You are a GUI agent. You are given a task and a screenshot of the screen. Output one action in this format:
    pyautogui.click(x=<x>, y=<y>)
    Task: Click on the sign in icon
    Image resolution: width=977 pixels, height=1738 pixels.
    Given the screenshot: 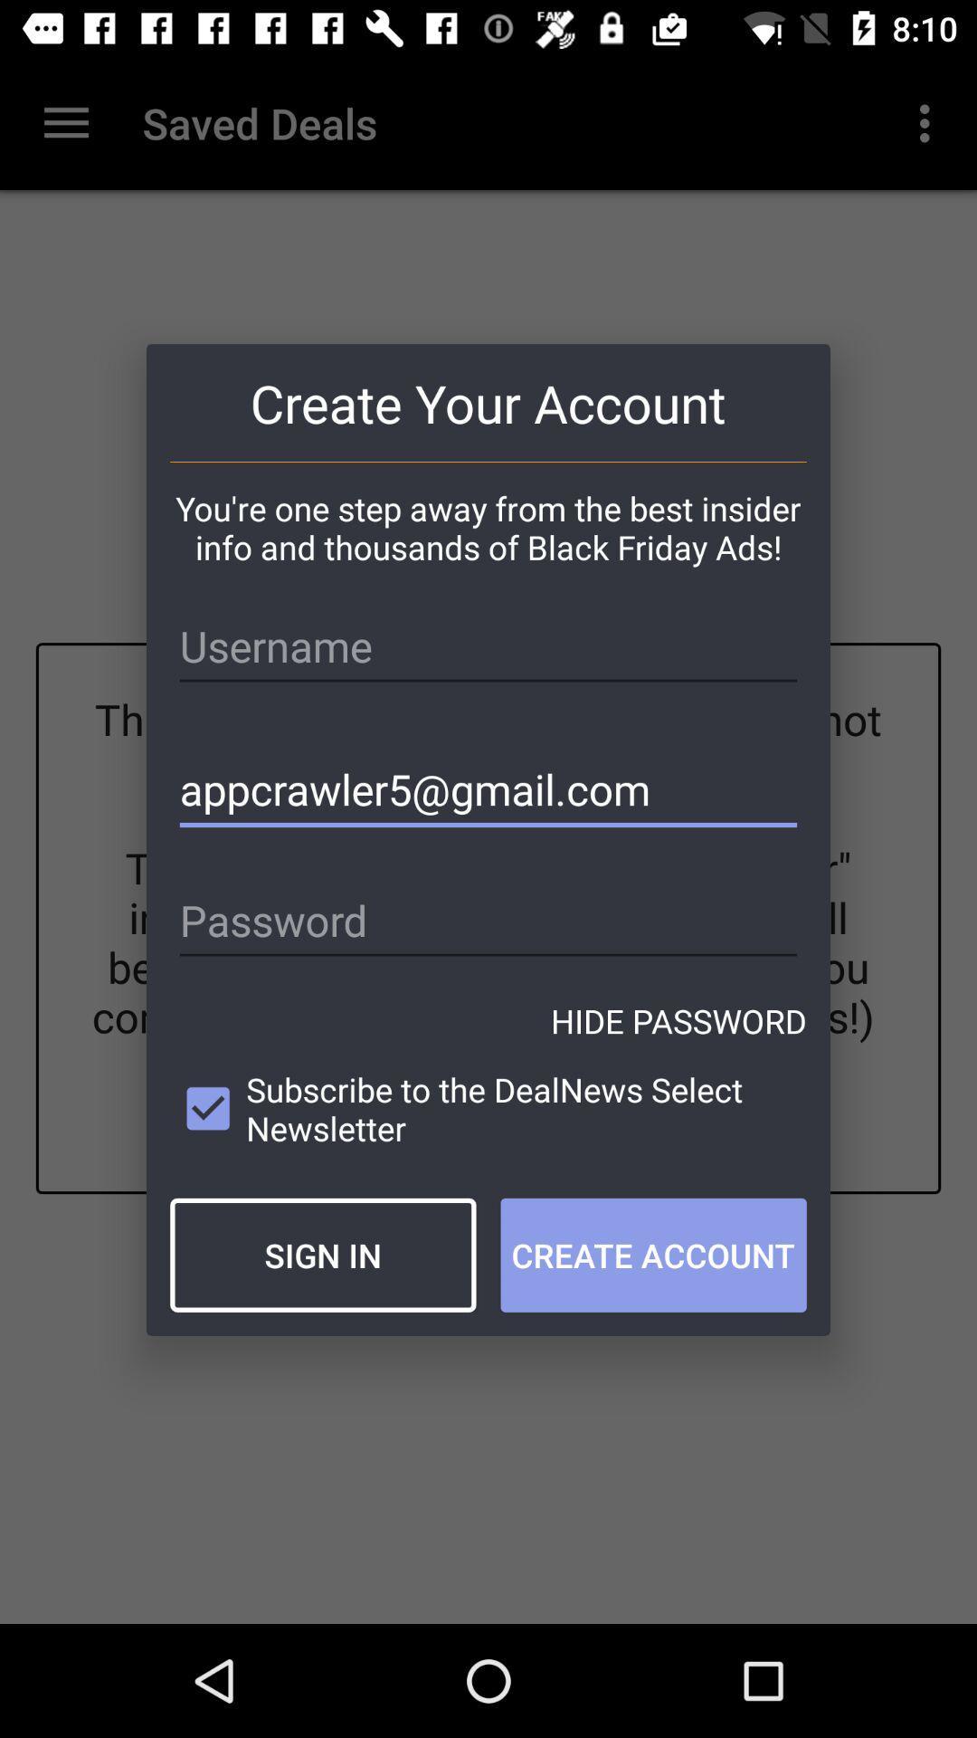 What is the action you would take?
    pyautogui.click(x=322, y=1254)
    